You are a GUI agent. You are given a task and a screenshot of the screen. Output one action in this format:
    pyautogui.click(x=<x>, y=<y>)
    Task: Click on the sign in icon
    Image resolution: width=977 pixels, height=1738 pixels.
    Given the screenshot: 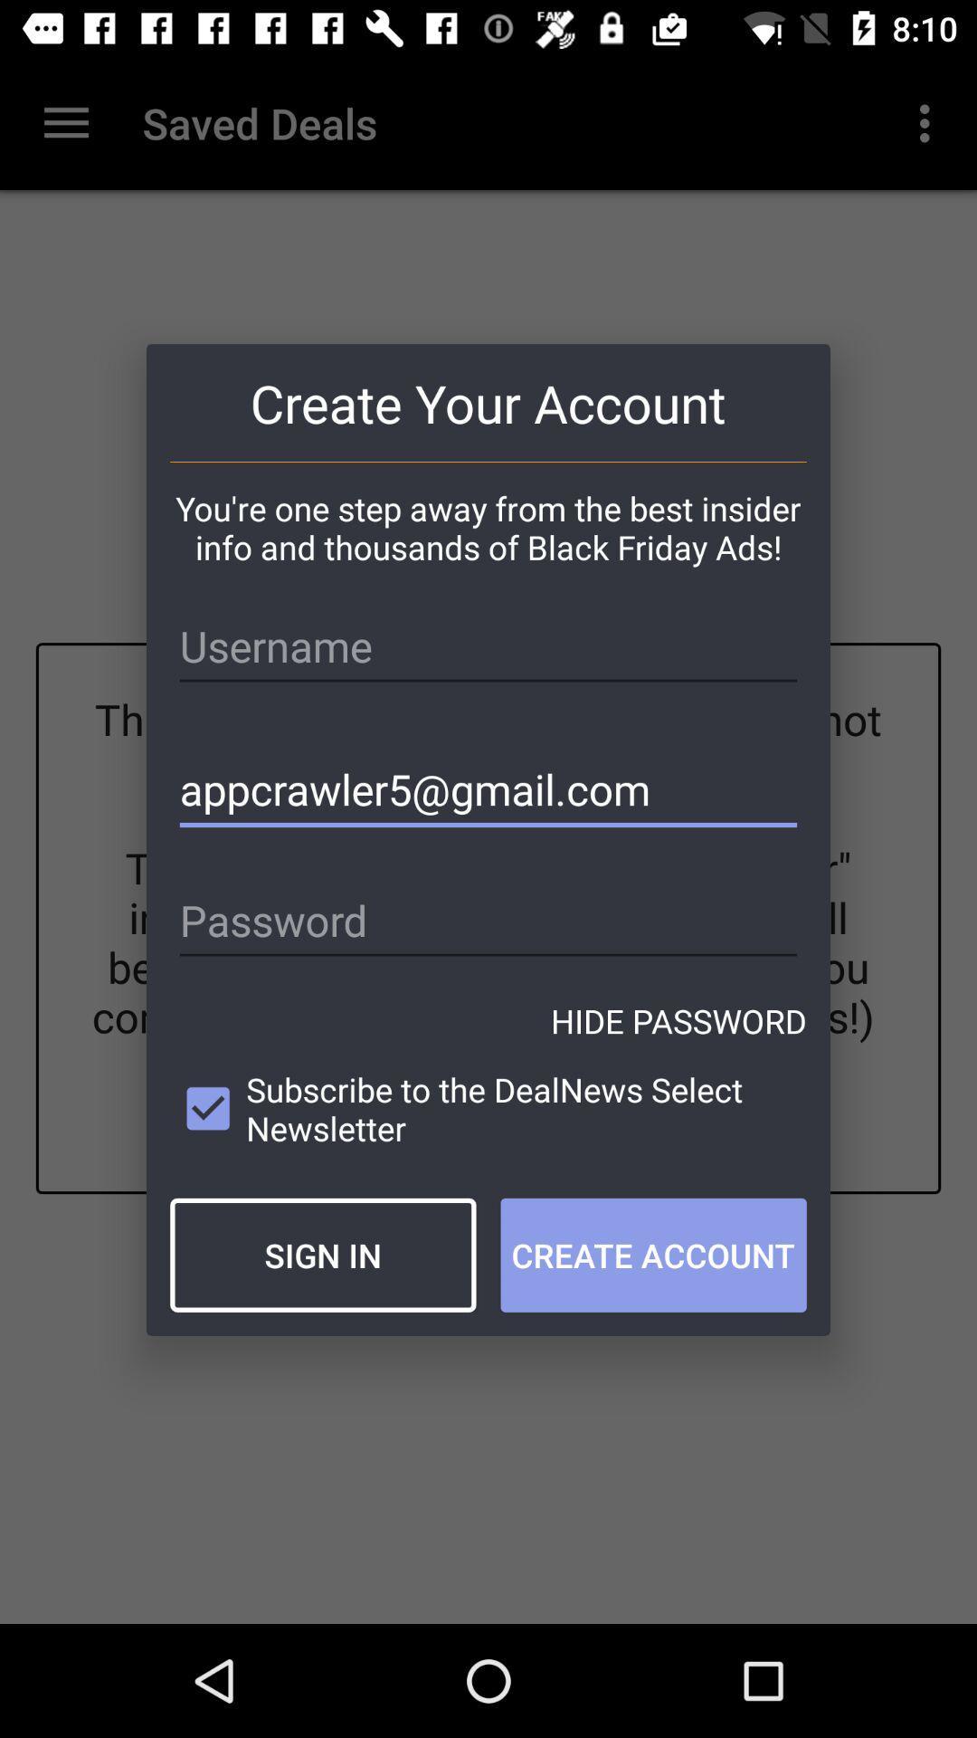 What is the action you would take?
    pyautogui.click(x=322, y=1254)
    